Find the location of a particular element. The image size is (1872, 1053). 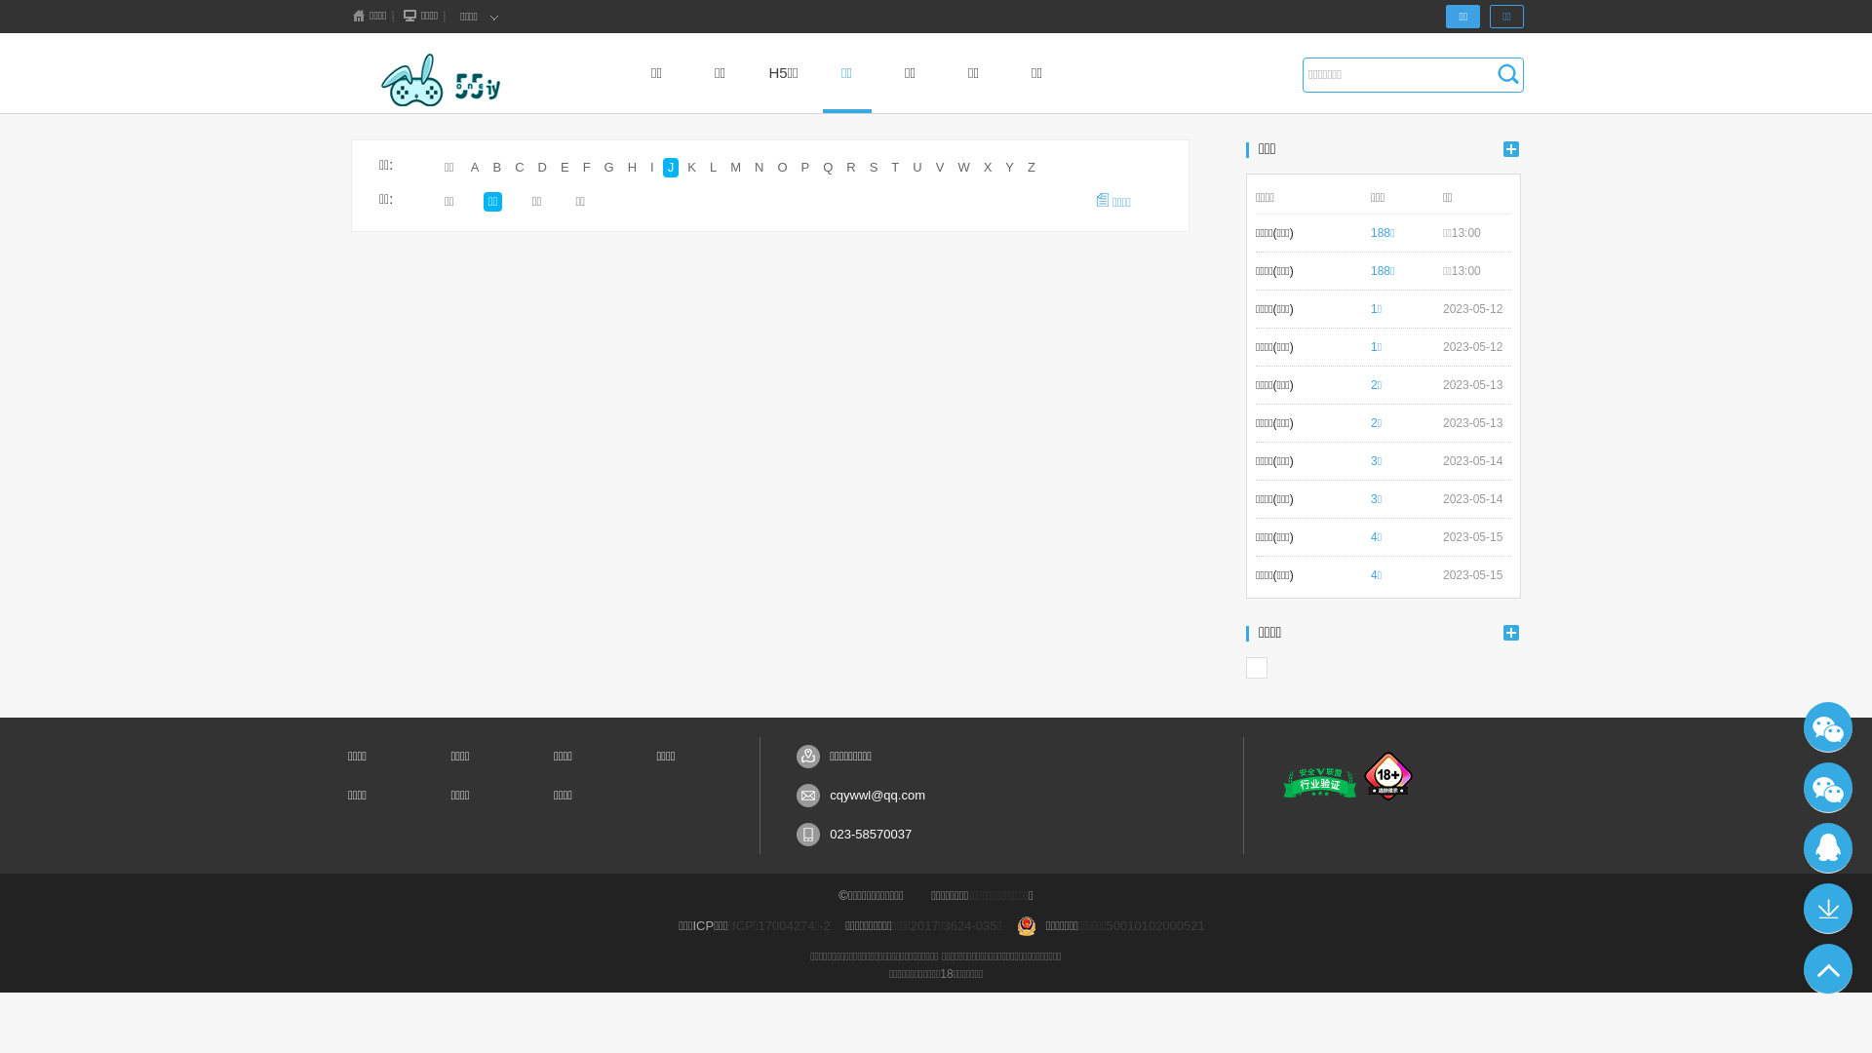

'L' is located at coordinates (712, 167).